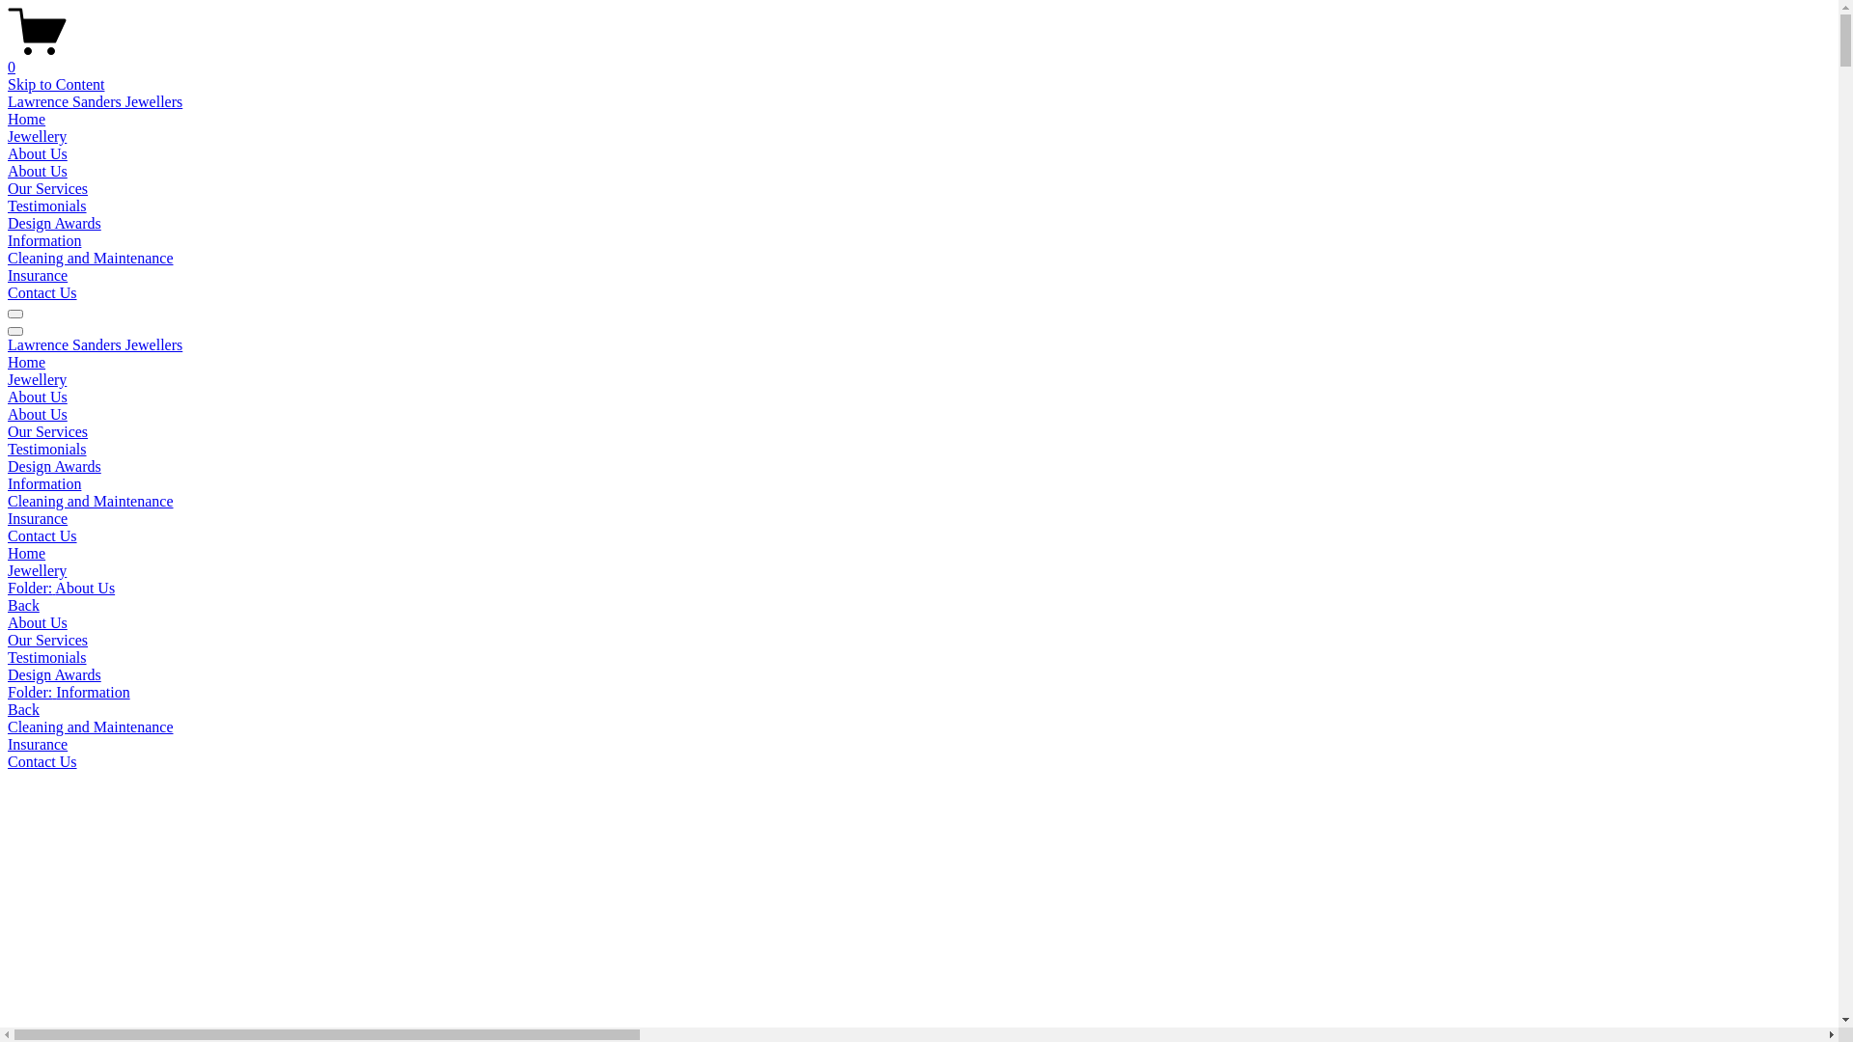 The width and height of the screenshot is (1853, 1042). Describe the element at coordinates (918, 640) in the screenshot. I see `'Our Services'` at that location.